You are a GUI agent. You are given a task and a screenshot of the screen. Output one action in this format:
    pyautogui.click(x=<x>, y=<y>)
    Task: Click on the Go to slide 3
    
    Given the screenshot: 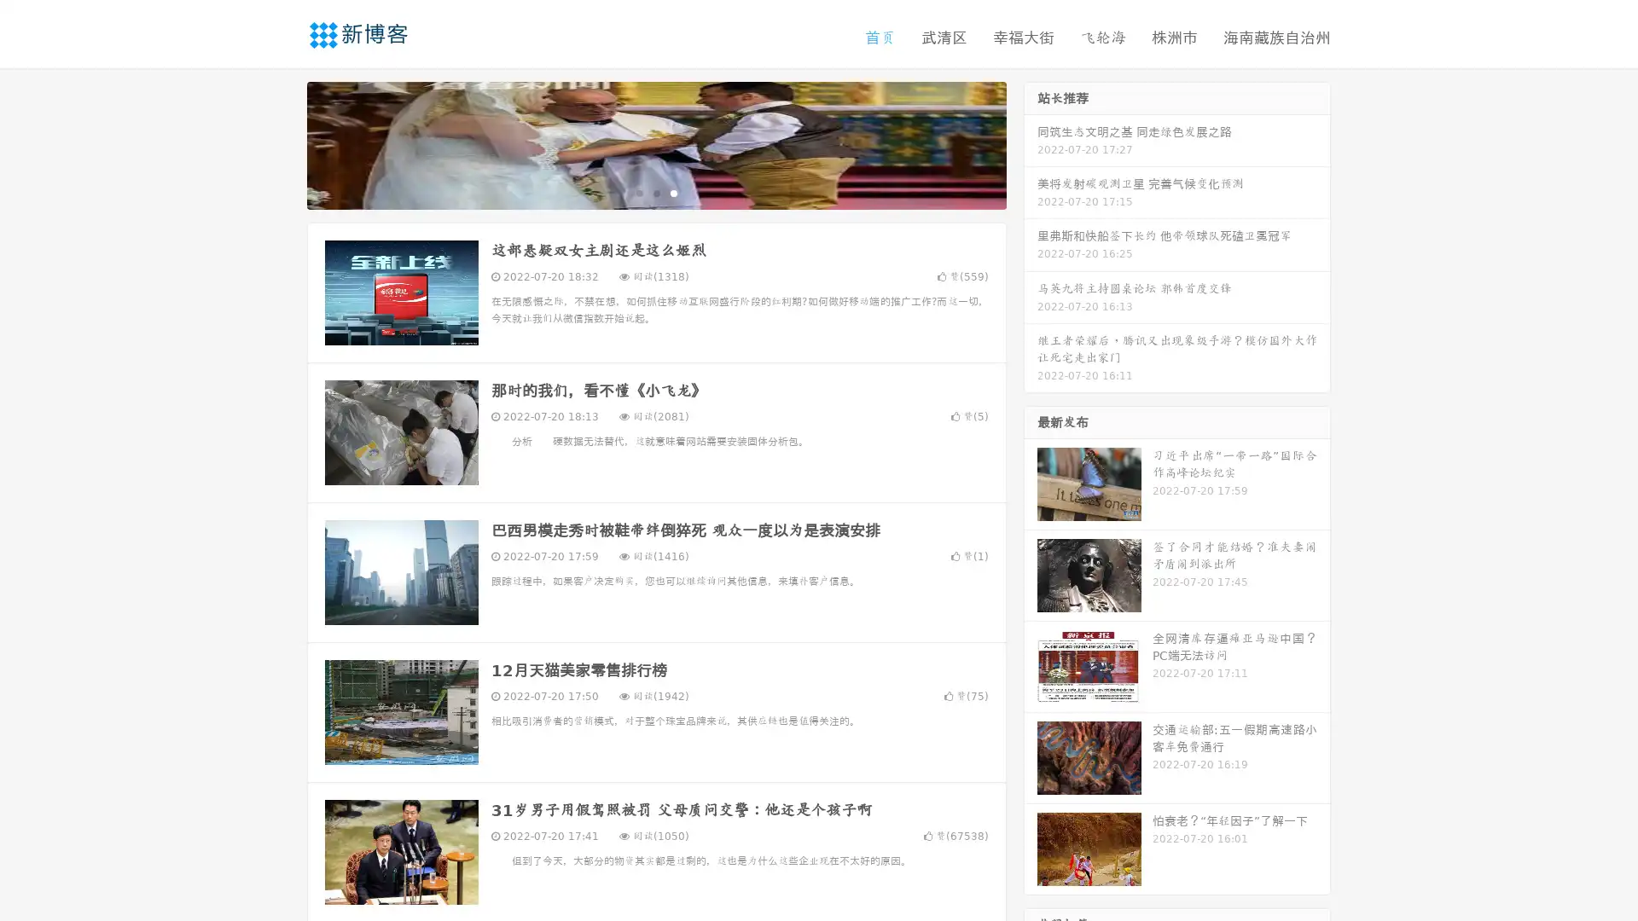 What is the action you would take?
    pyautogui.click(x=673, y=192)
    